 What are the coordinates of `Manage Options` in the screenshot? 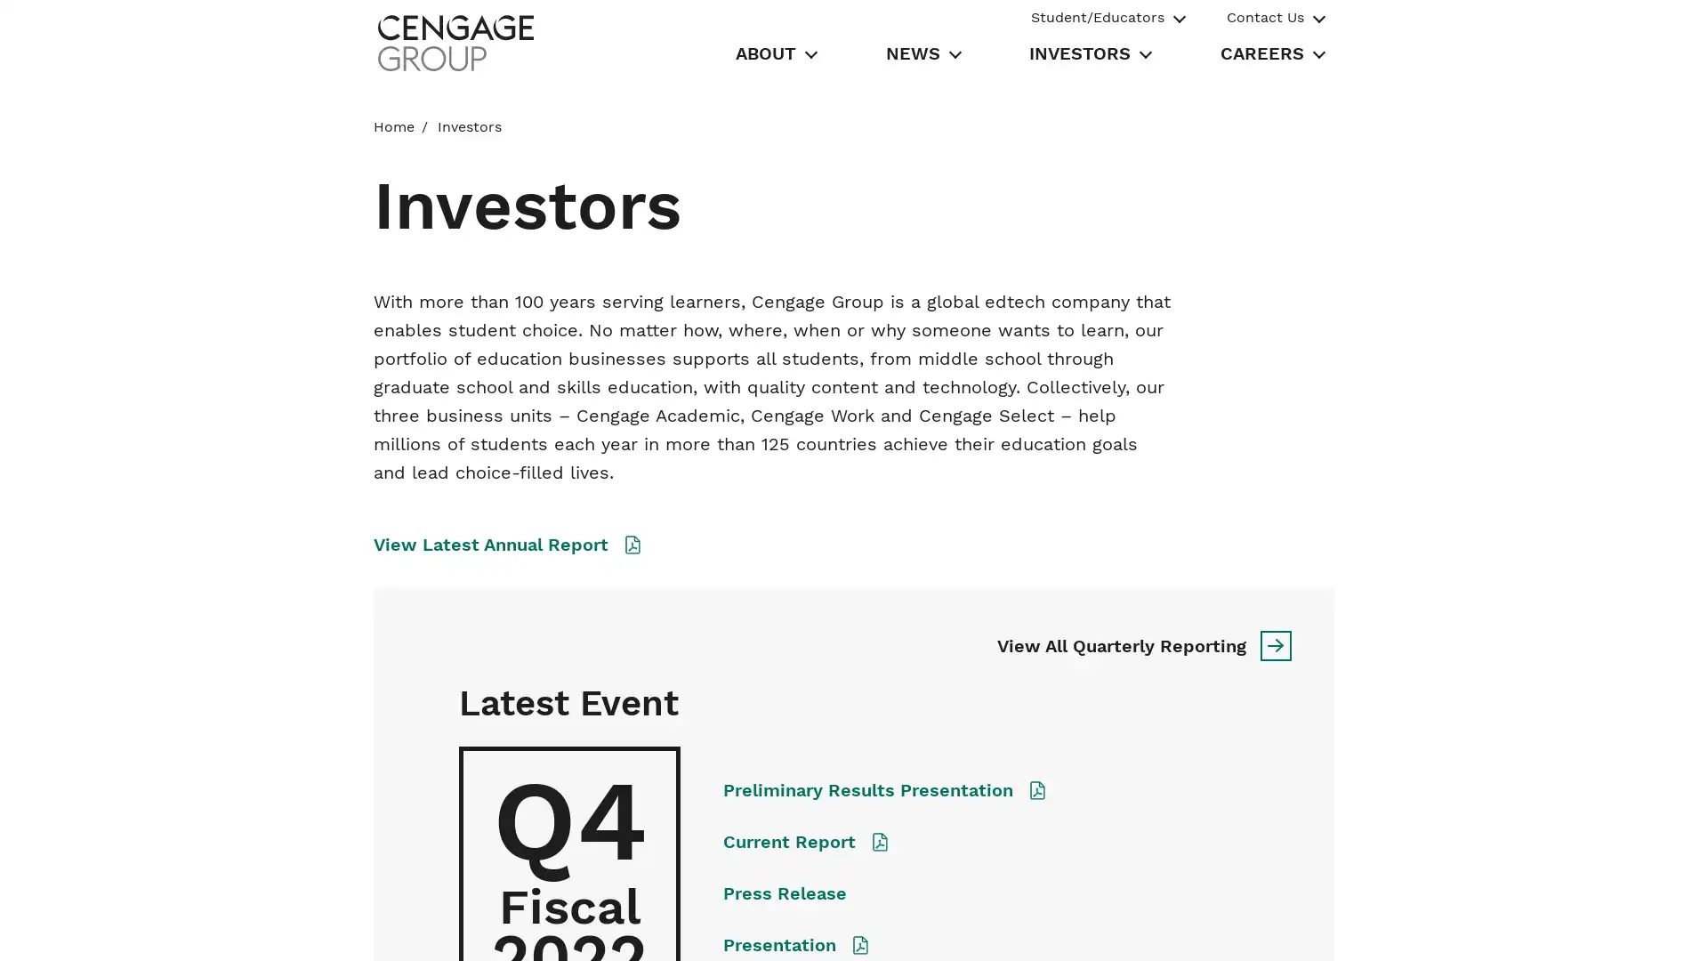 It's located at (1244, 926).